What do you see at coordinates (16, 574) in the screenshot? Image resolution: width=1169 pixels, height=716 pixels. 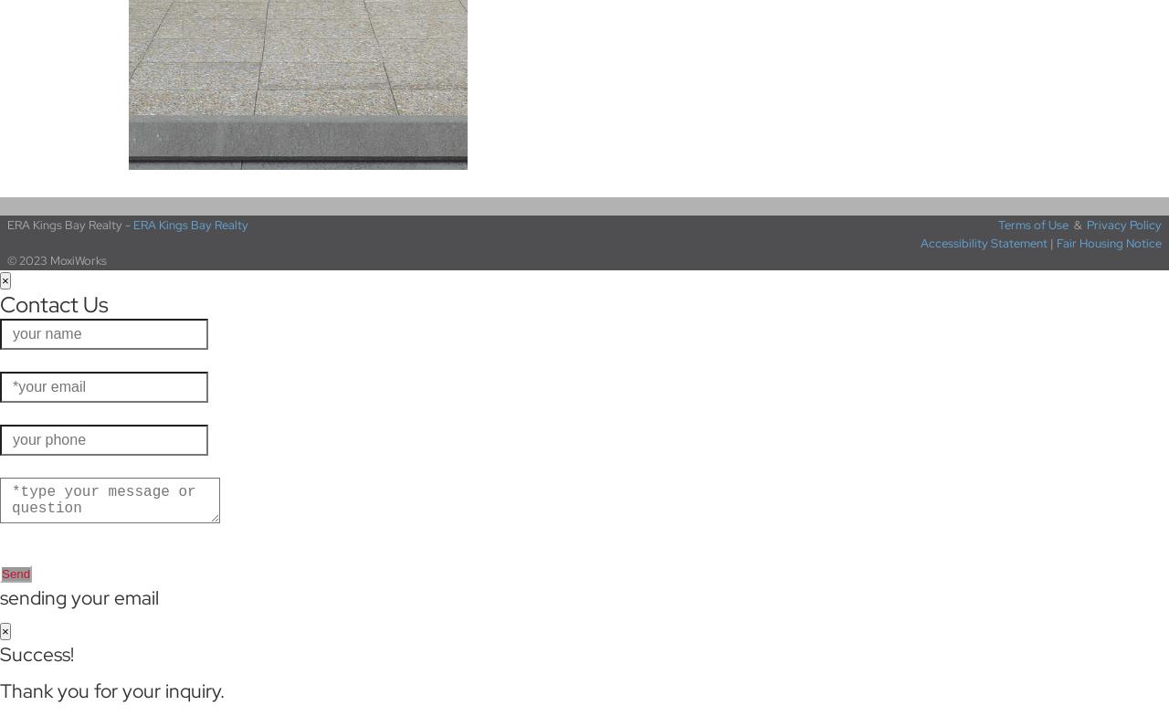 I see `'Send'` at bounding box center [16, 574].